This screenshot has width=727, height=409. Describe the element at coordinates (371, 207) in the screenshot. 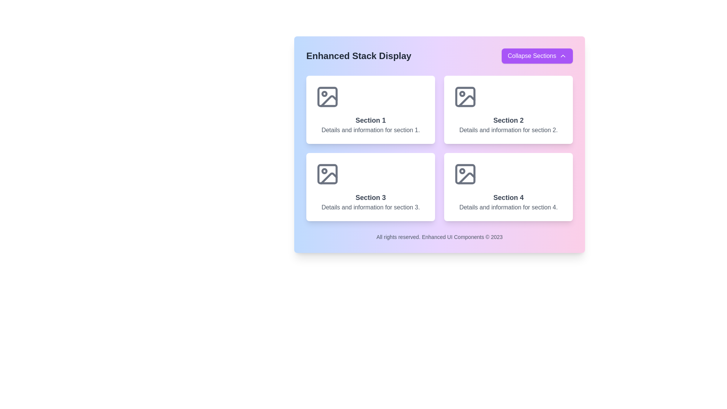

I see `the second line of text inside the bottom-left information box labeled 'Section 3.'` at that location.